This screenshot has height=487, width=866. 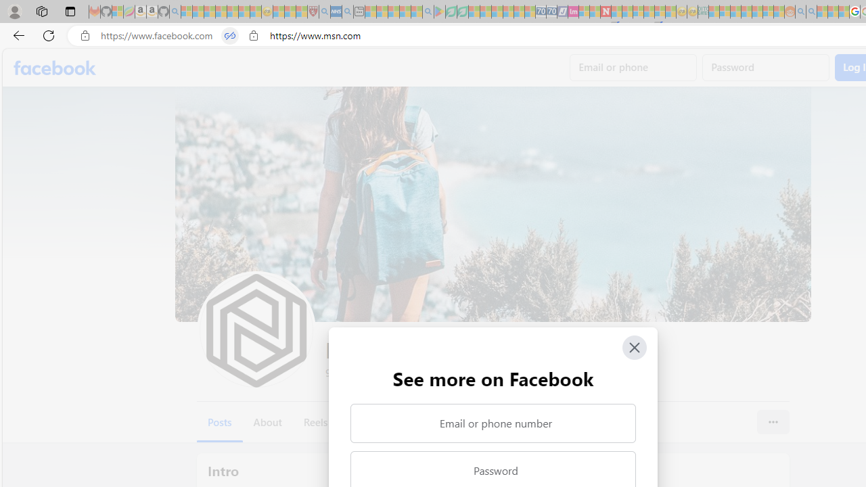 What do you see at coordinates (49, 34) in the screenshot?
I see `'Refresh'` at bounding box center [49, 34].